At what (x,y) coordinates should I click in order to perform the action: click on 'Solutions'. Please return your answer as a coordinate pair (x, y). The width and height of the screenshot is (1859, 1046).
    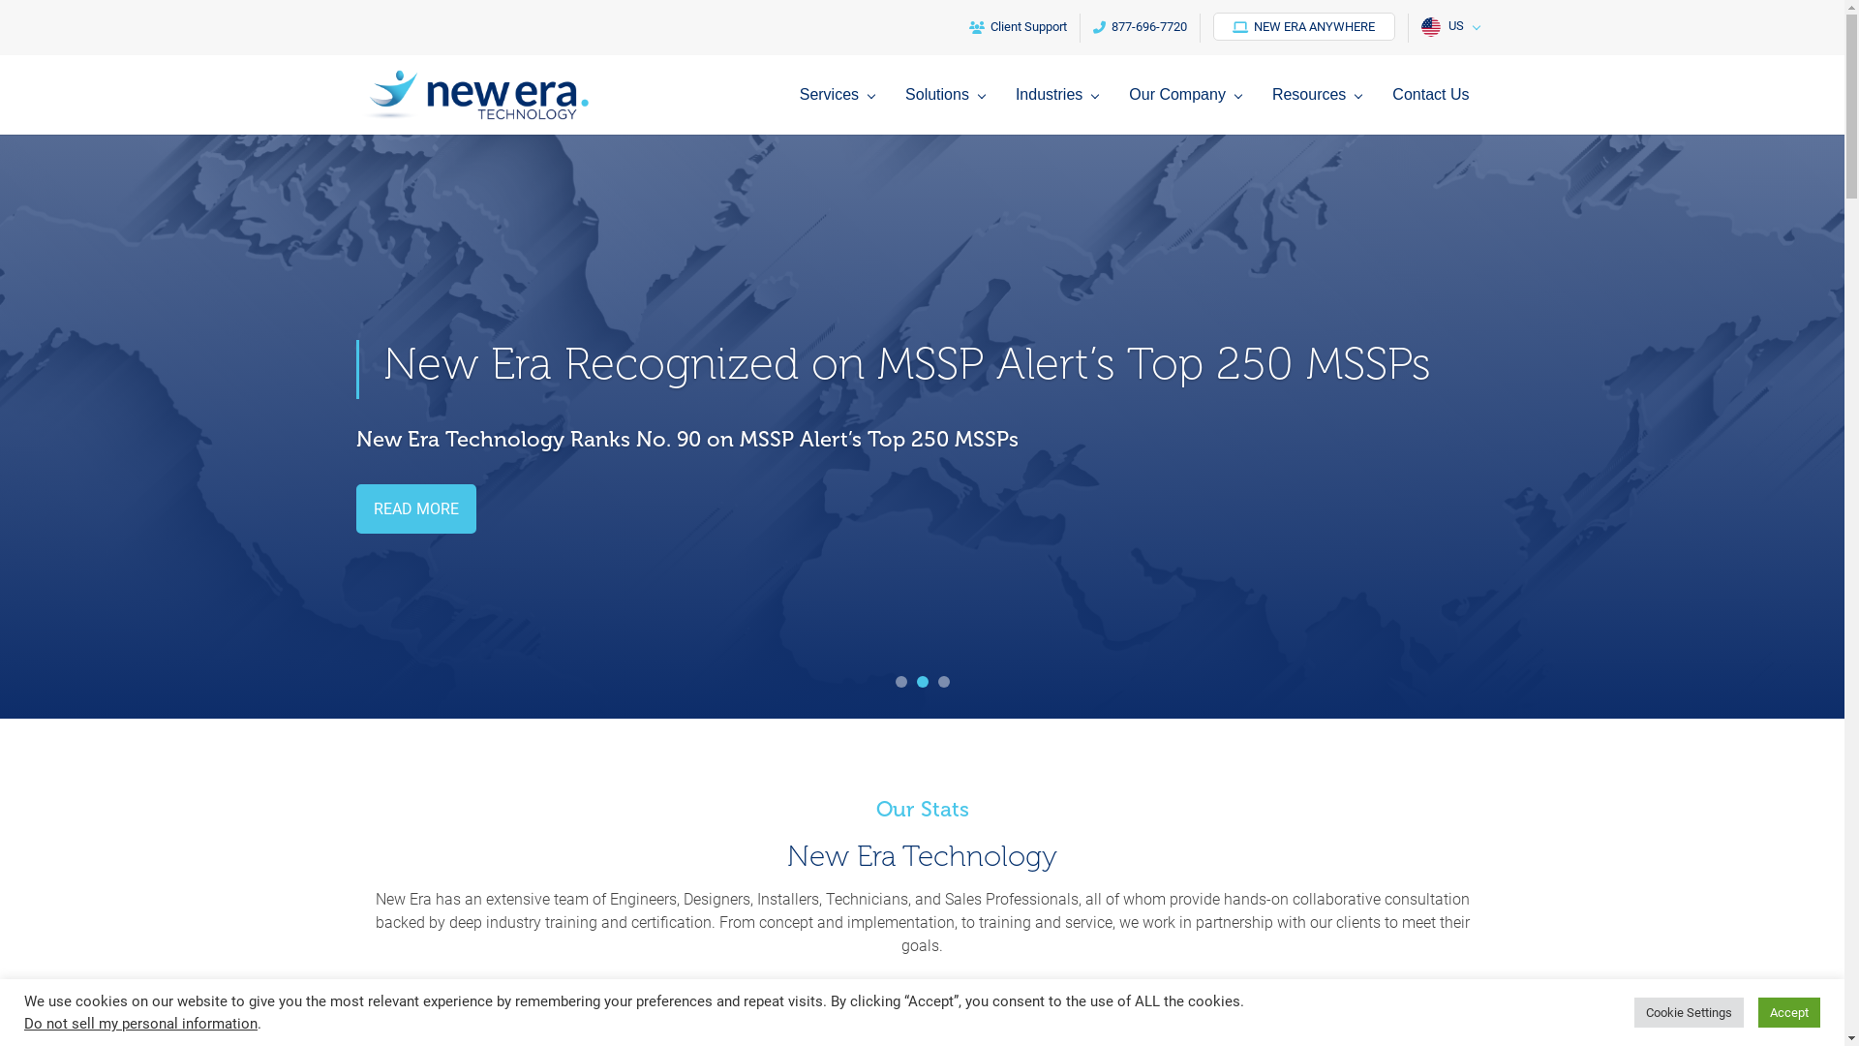
    Looking at the image, I should click on (949, 110).